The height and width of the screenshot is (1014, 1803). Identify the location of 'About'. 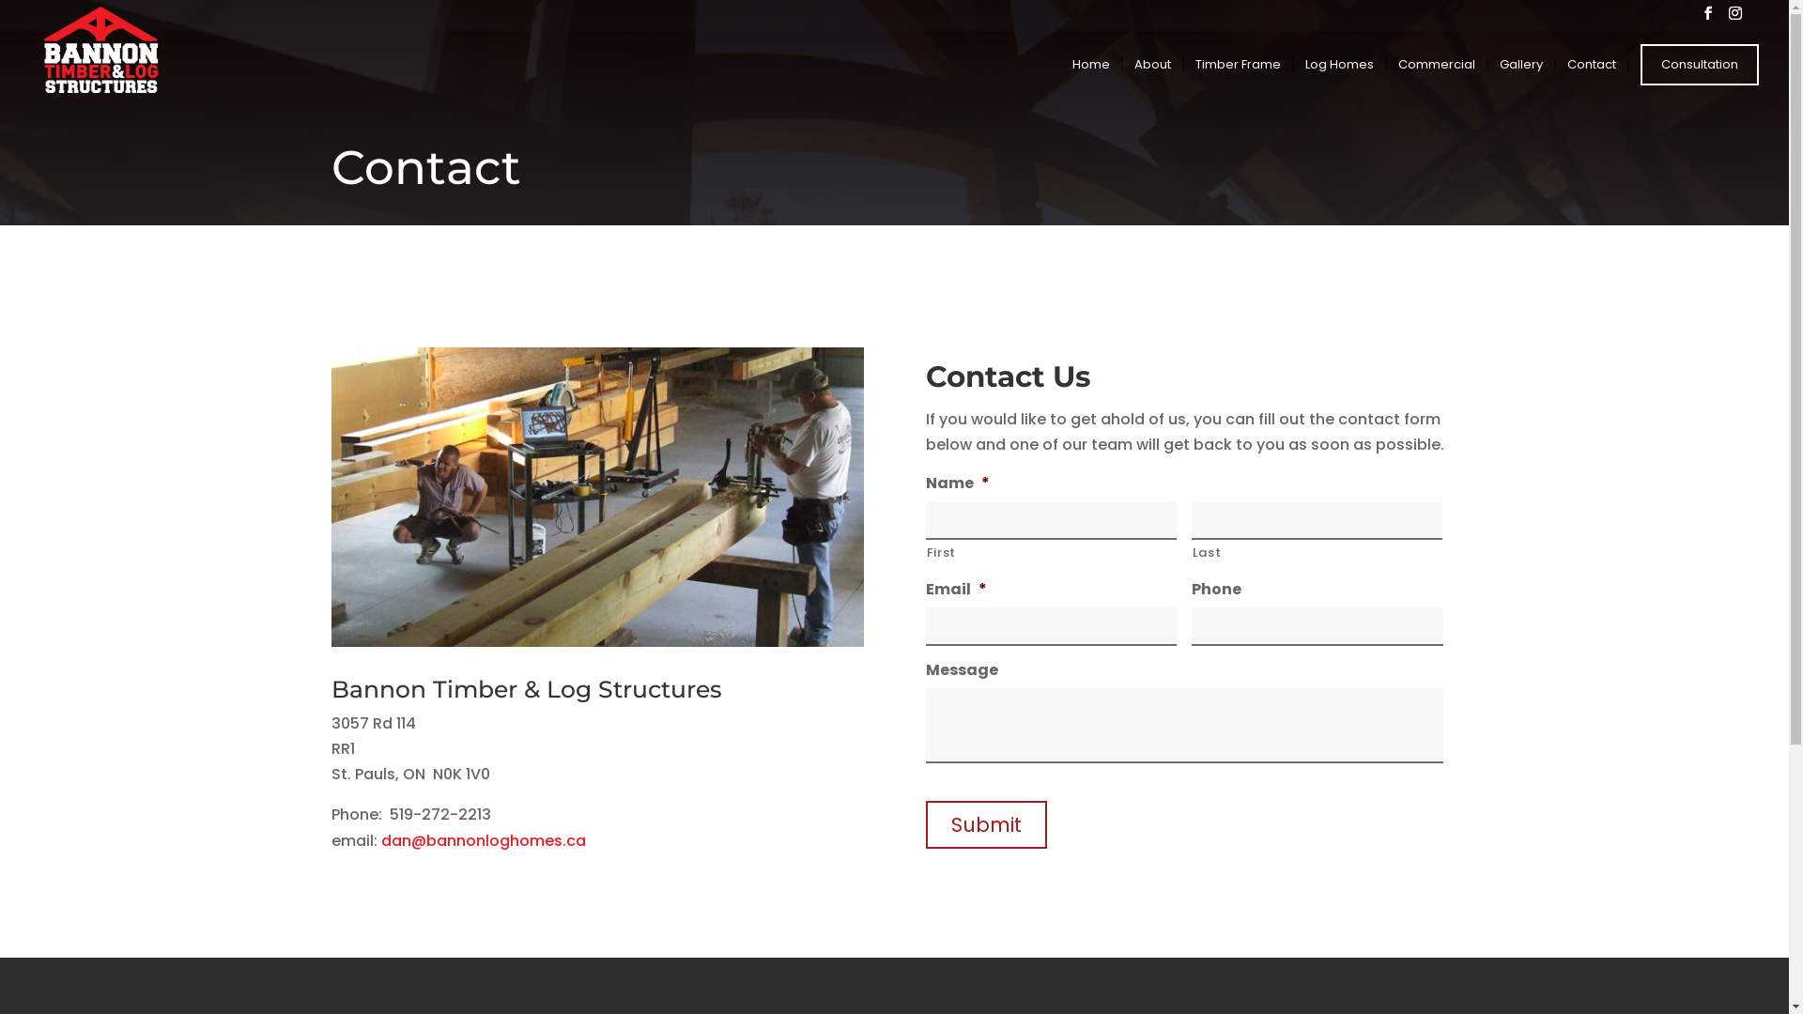
(1151, 77).